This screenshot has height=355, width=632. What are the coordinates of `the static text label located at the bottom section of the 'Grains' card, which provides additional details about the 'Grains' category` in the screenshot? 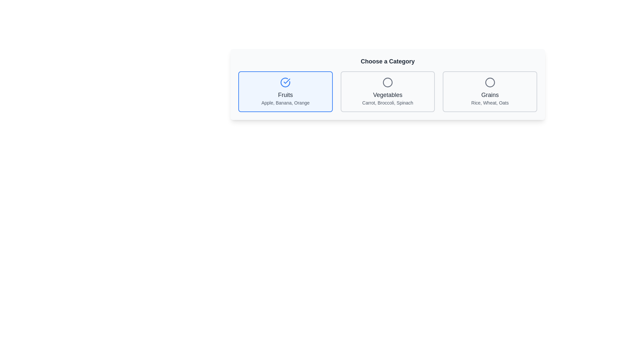 It's located at (490, 103).